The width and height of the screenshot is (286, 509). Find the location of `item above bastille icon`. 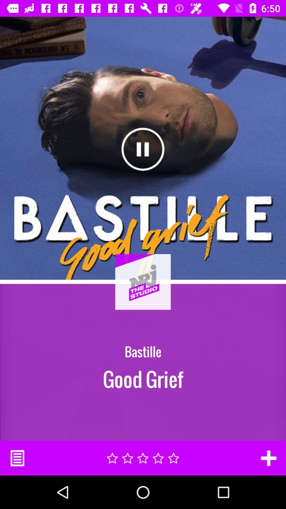

item above bastille icon is located at coordinates (143, 295).